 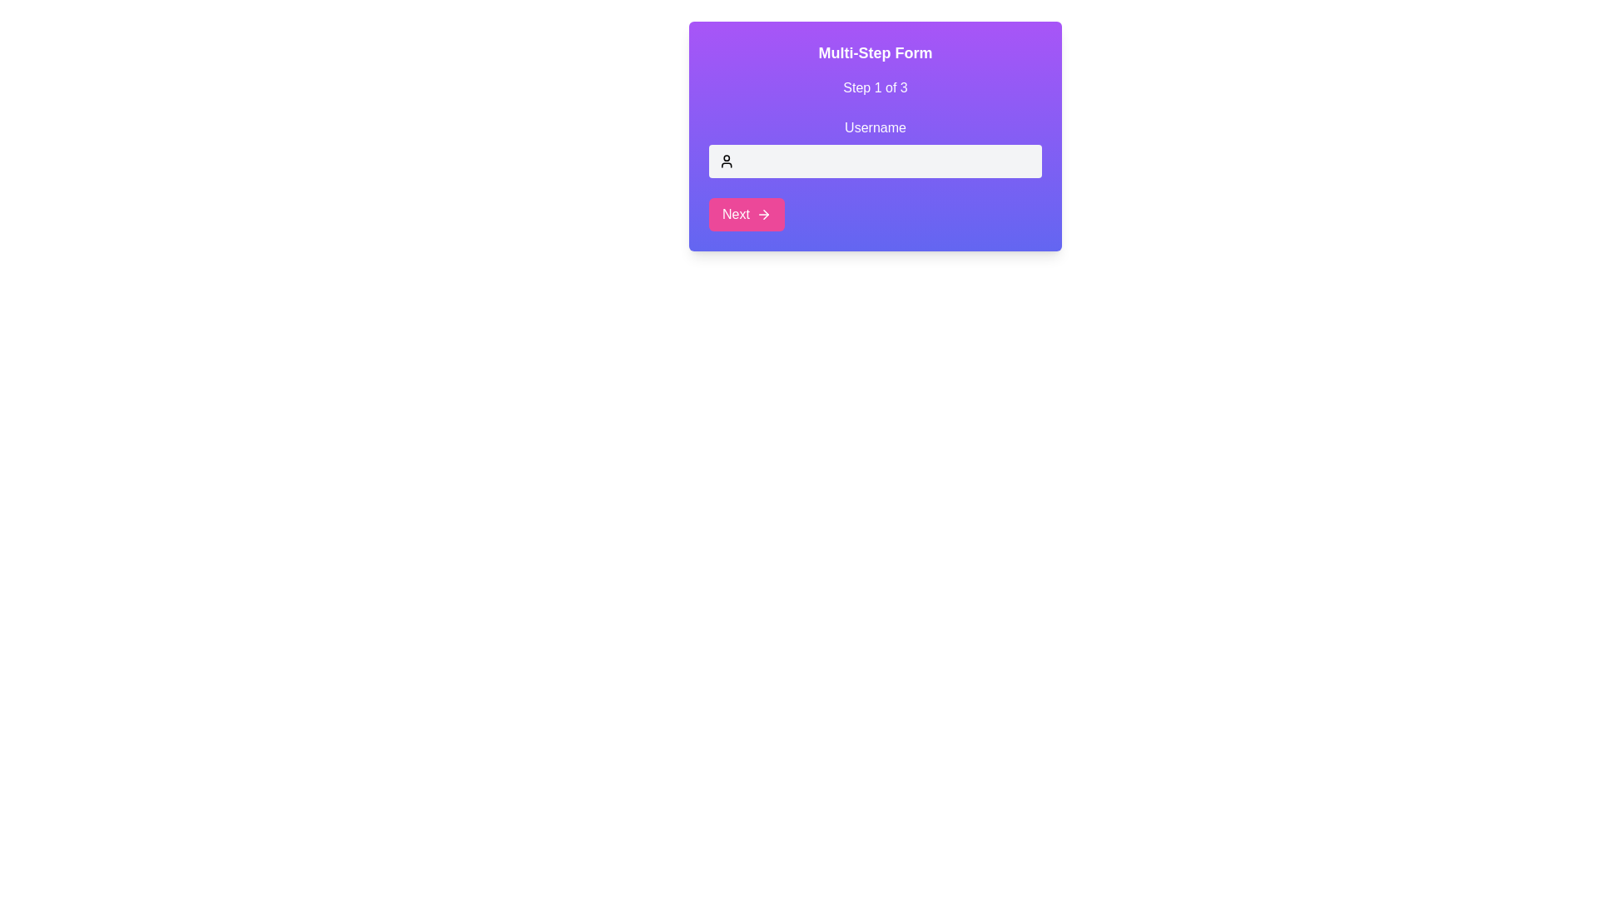 I want to click on the text label that indicates the current step in the multi-step form, located below the title 'Multi-Step Form' and above the 'Username' input field, so click(x=874, y=87).